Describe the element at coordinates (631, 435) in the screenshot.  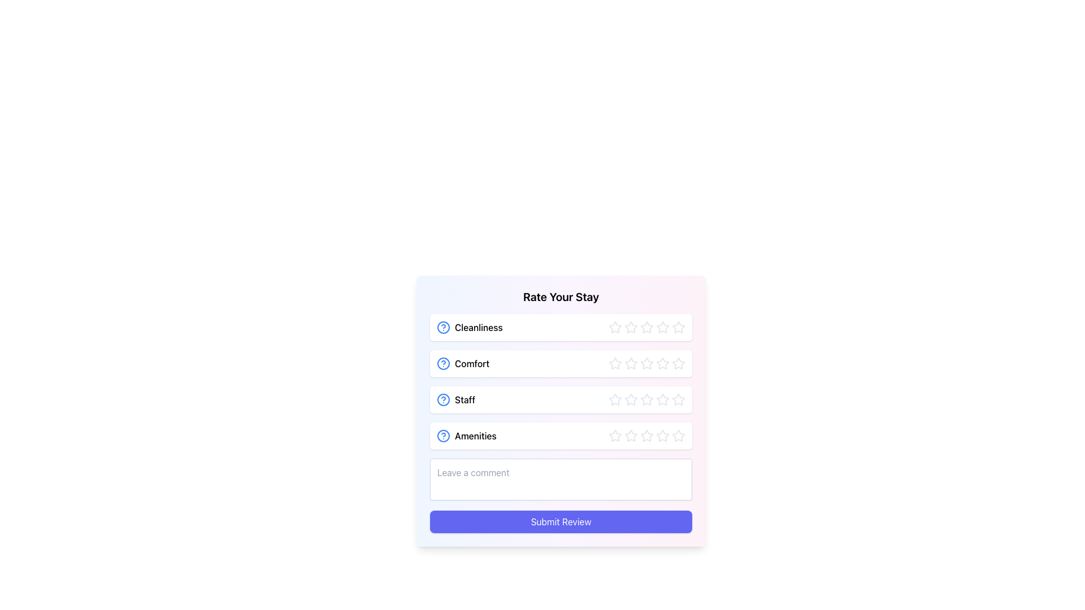
I see `the first star in the 'Amenities' rating section` at that location.